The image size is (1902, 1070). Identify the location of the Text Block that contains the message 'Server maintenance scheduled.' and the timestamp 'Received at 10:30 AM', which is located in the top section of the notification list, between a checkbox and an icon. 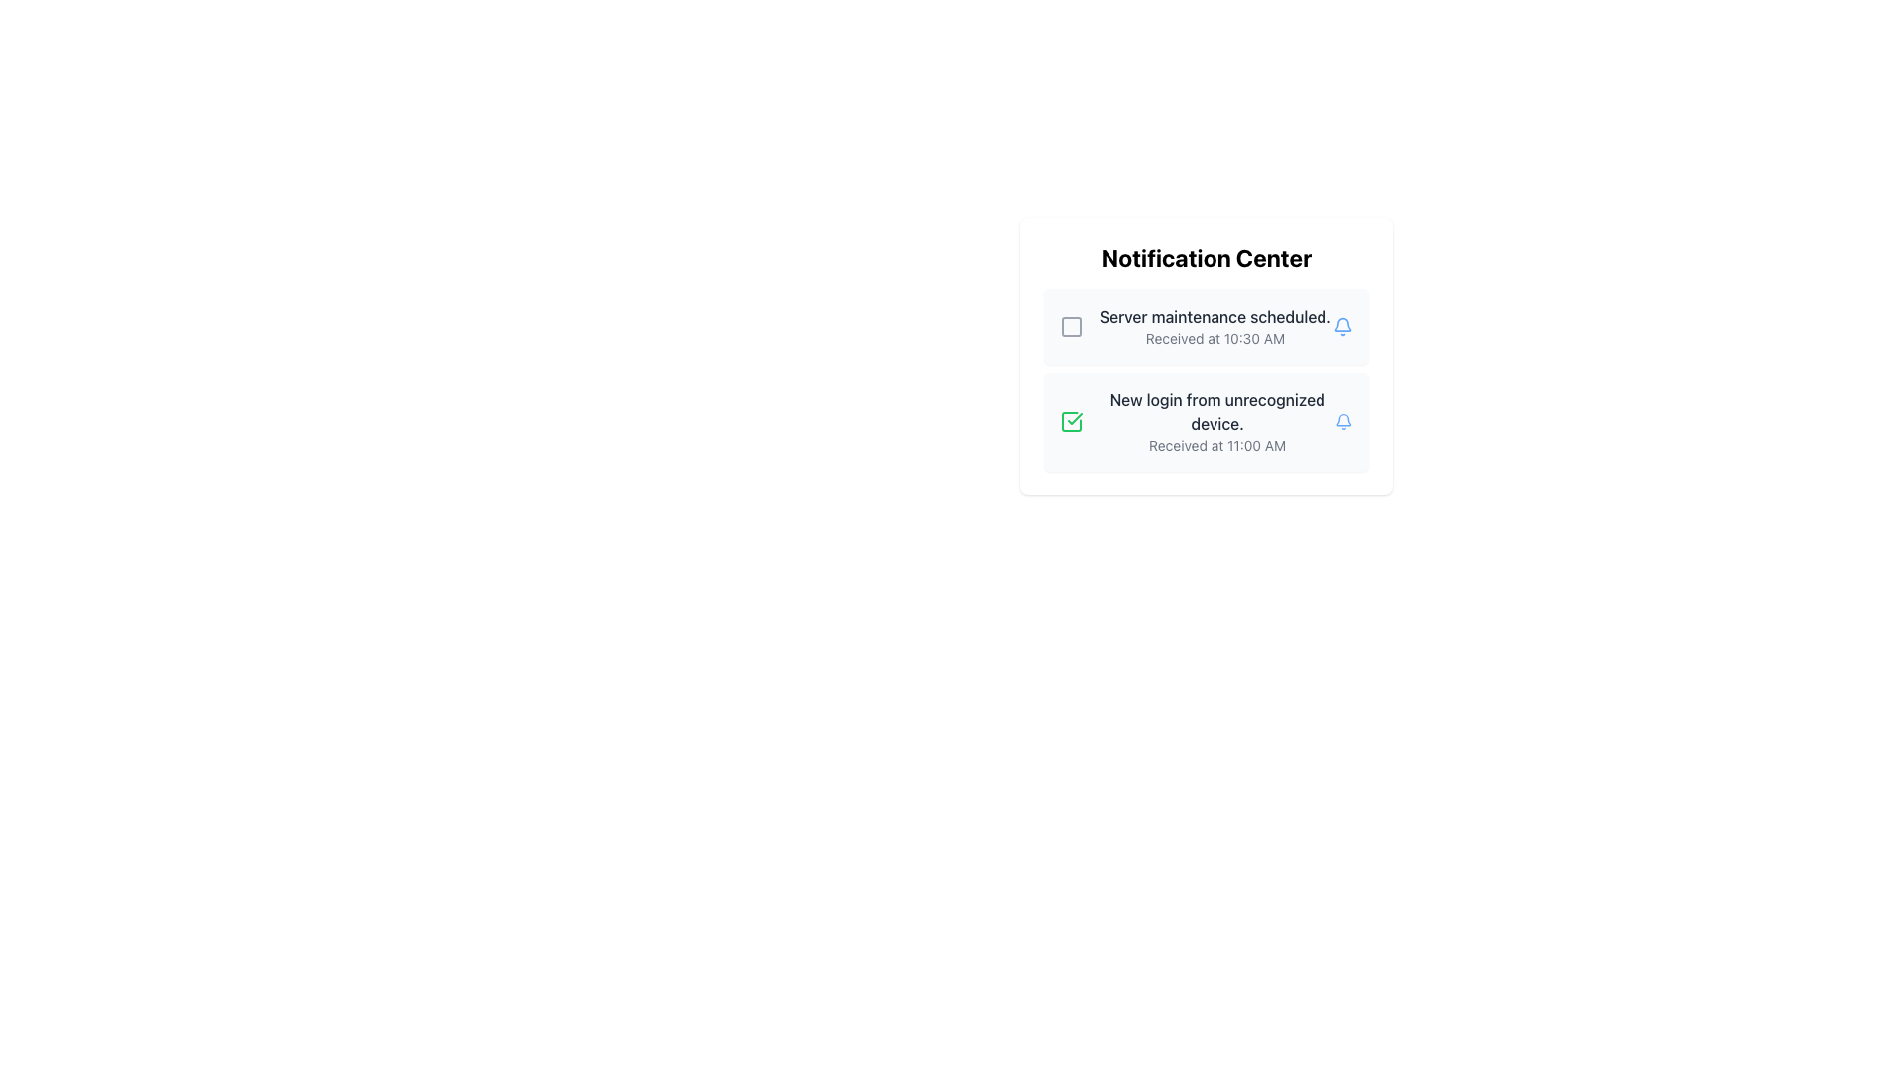
(1214, 326).